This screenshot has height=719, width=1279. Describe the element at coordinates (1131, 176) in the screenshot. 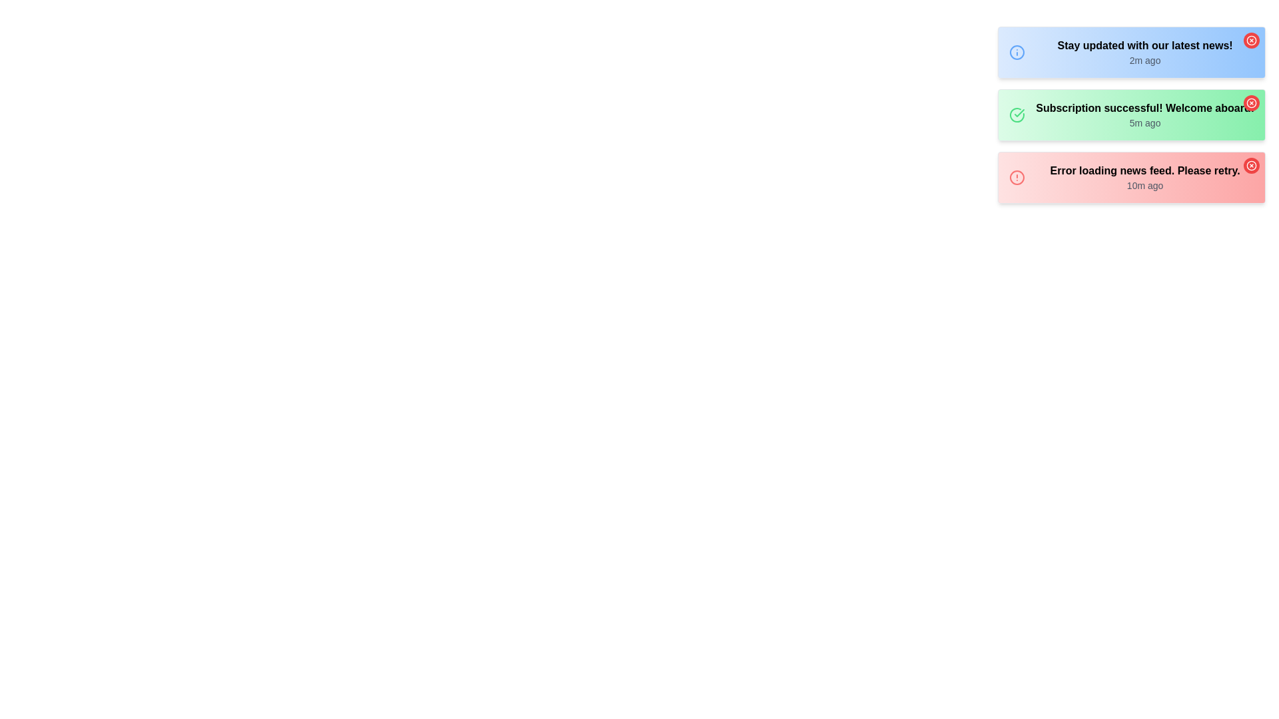

I see `the error type` at that location.